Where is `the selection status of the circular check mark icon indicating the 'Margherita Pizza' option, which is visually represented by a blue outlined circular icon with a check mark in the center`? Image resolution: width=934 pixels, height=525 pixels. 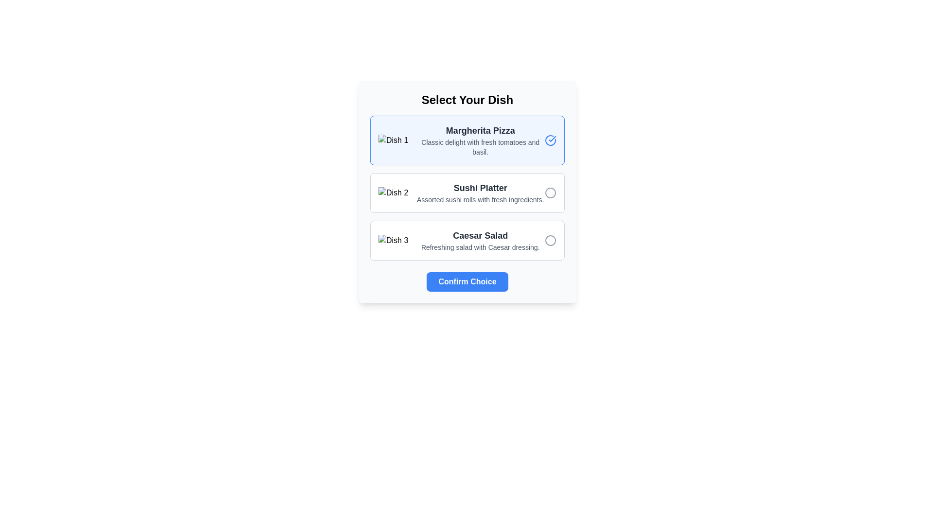
the selection status of the circular check mark icon indicating the 'Margherita Pizza' option, which is visually represented by a blue outlined circular icon with a check mark in the center is located at coordinates (551, 140).